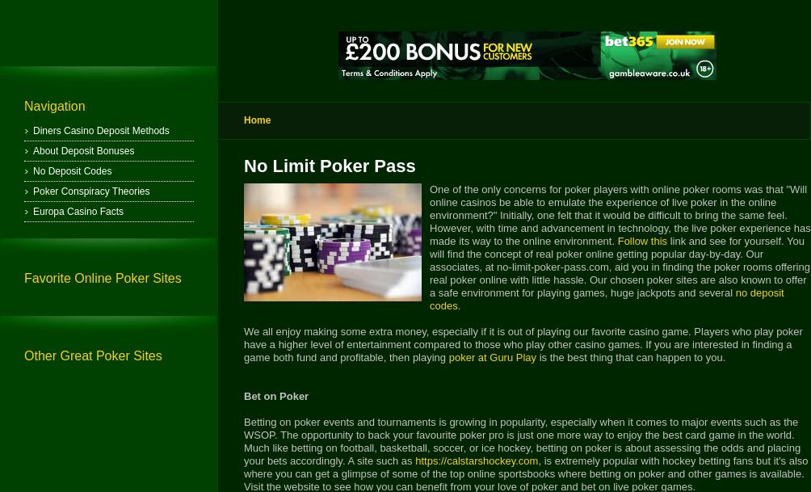 The height and width of the screenshot is (492, 811). I want to click on 'link and see for yourself. You will find the concept of real poker online getting popular day-by-day. Our associates, at no-limit-poker-pass.com, aid you in finding the poker rooms offering real poker online with little hassle. Our chosen poker sites are also known to offer a safe environment for playing games, huge jackpots and several', so click(619, 266).